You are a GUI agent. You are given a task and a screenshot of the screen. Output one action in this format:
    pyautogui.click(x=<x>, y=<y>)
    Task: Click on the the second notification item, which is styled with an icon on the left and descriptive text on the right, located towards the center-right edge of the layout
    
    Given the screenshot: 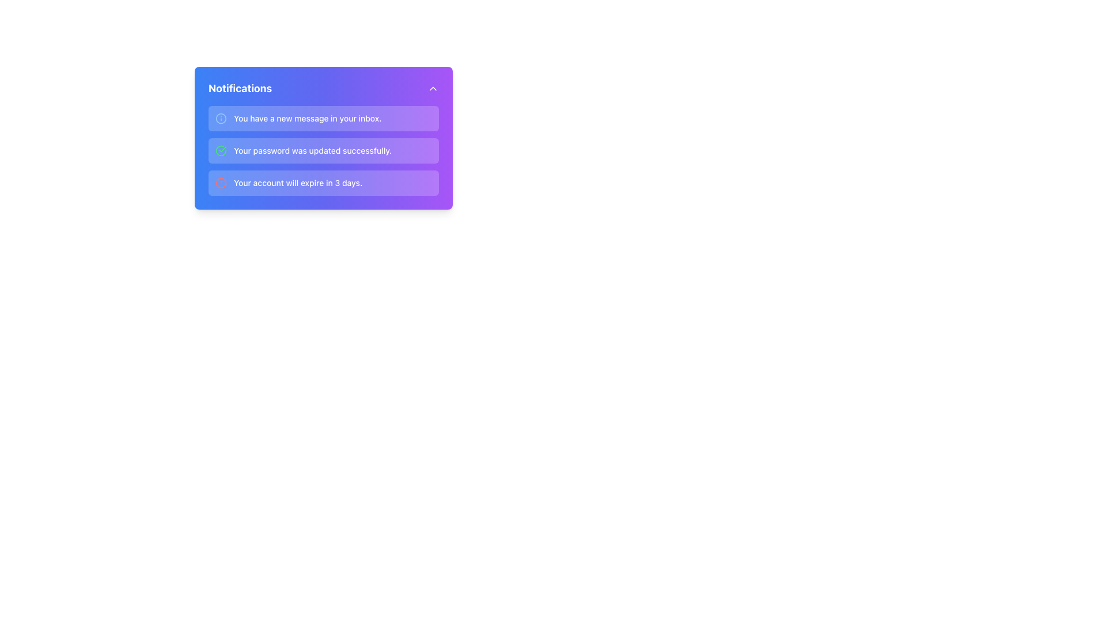 What is the action you would take?
    pyautogui.click(x=323, y=150)
    